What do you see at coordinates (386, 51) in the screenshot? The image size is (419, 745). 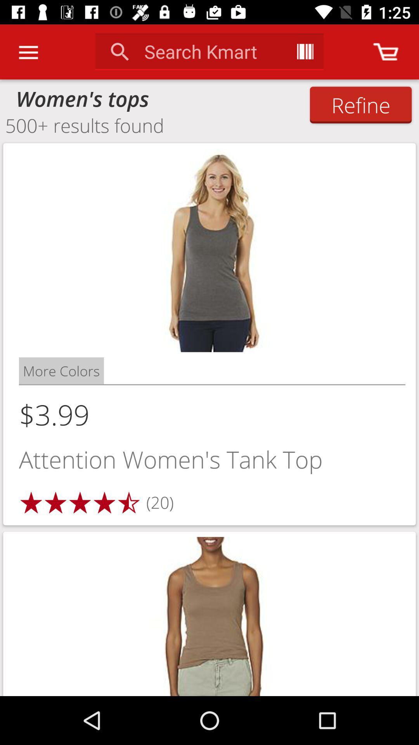 I see `the item above refine item` at bounding box center [386, 51].